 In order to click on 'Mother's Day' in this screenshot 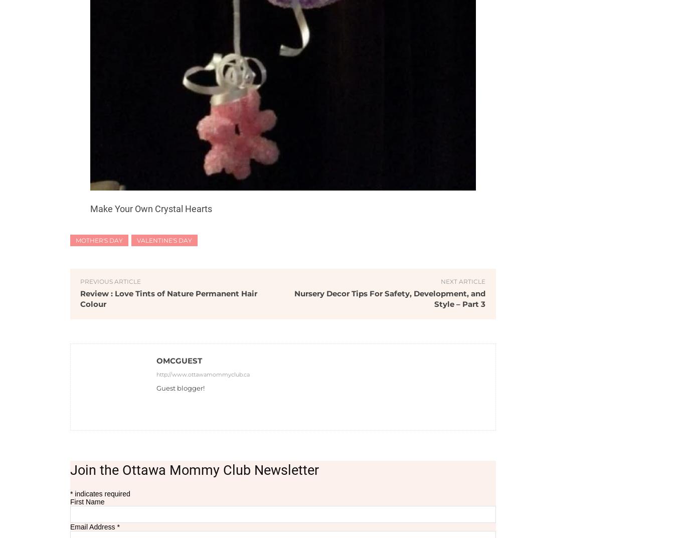, I will do `click(99, 239)`.